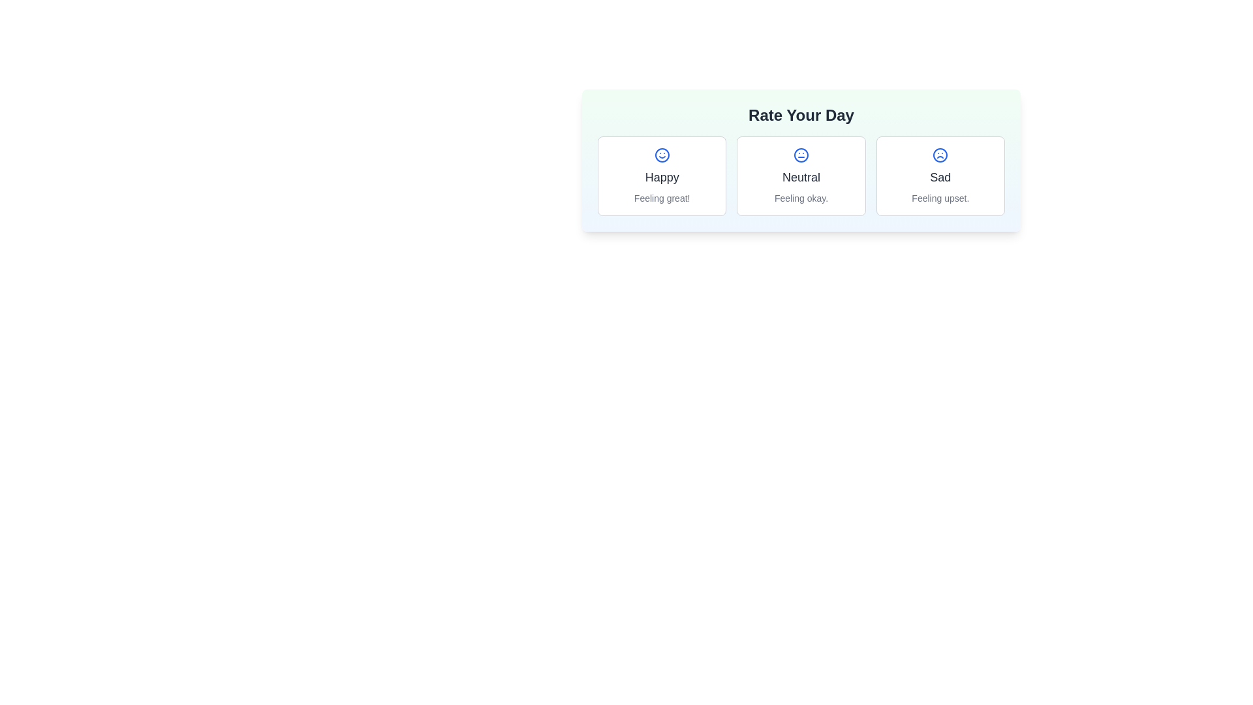 Image resolution: width=1253 pixels, height=705 pixels. I want to click on the 'Neutral' text label that identifies the neutral mood card in the mood rating interface, so click(801, 178).